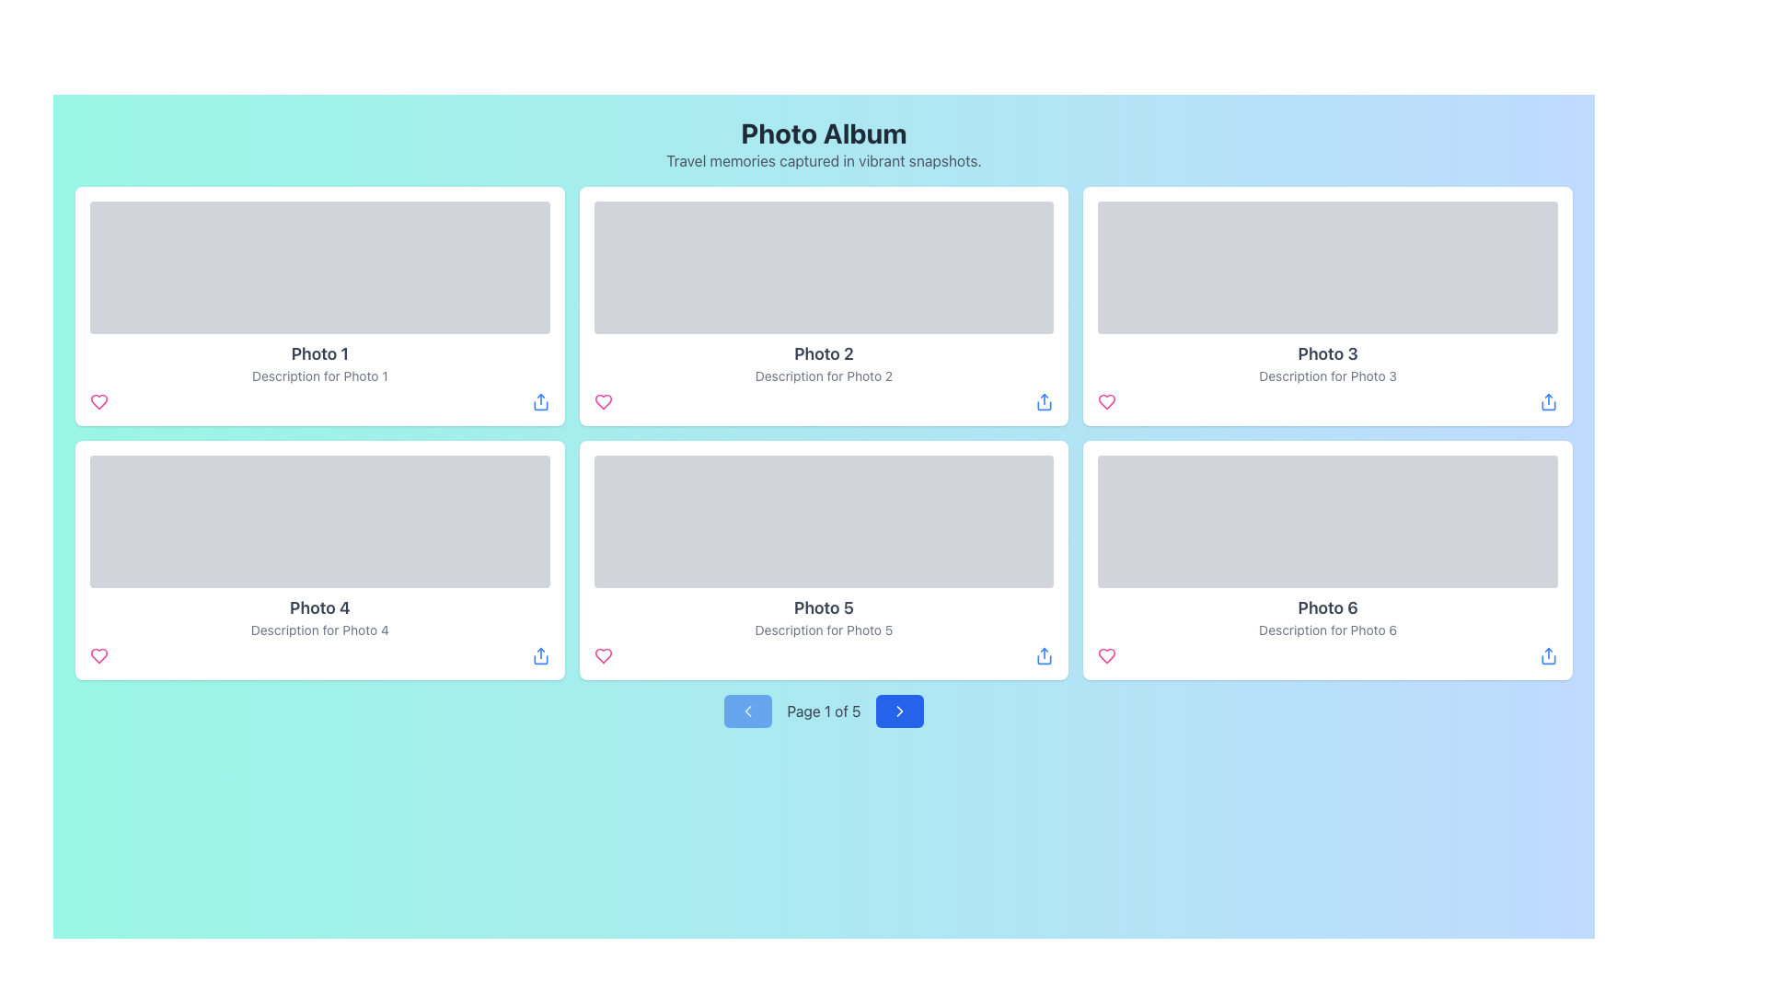  I want to click on the heart-shaped icon with a pink outline located at the bottom-left corner of the first photo card to mark or unmark the photo as a favorite, so click(98, 655).